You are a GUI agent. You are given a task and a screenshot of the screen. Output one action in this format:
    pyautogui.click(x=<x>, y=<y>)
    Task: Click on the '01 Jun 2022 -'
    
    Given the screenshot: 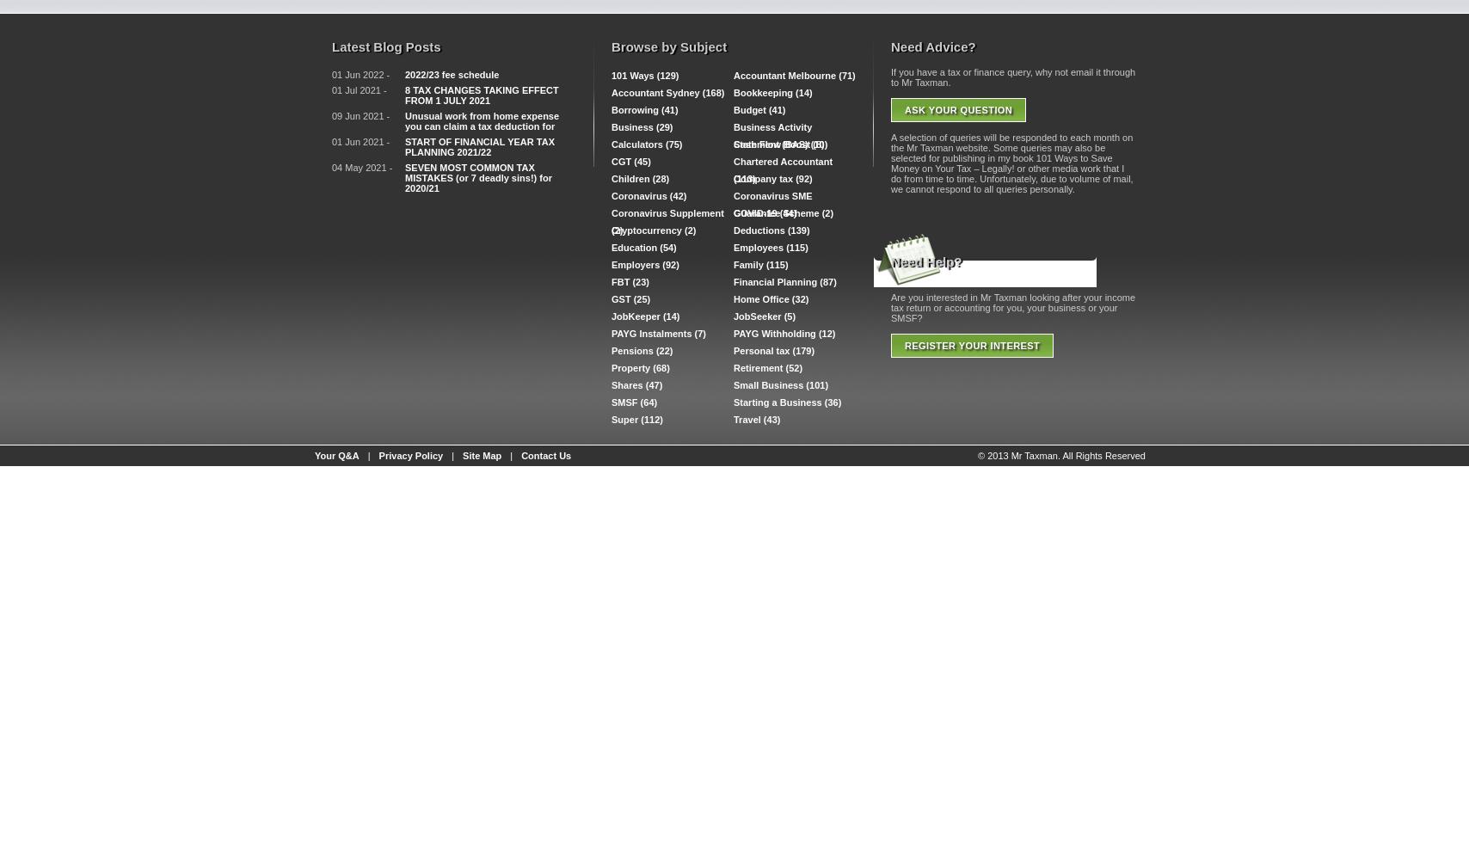 What is the action you would take?
    pyautogui.click(x=360, y=74)
    